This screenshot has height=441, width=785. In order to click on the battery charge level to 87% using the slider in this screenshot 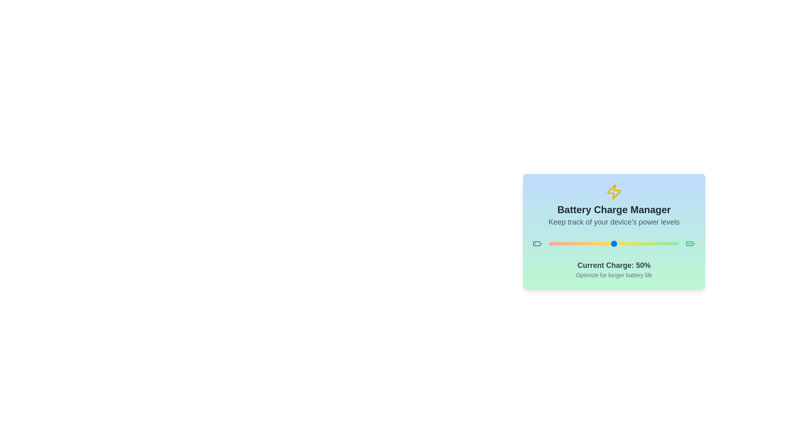, I will do `click(662, 243)`.